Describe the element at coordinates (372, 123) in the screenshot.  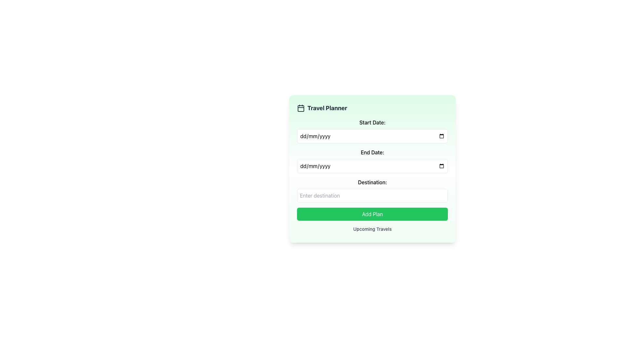
I see `label displaying 'Start Date:' which is in bold on a light green background, located above the date input field in the travel planning form` at that location.